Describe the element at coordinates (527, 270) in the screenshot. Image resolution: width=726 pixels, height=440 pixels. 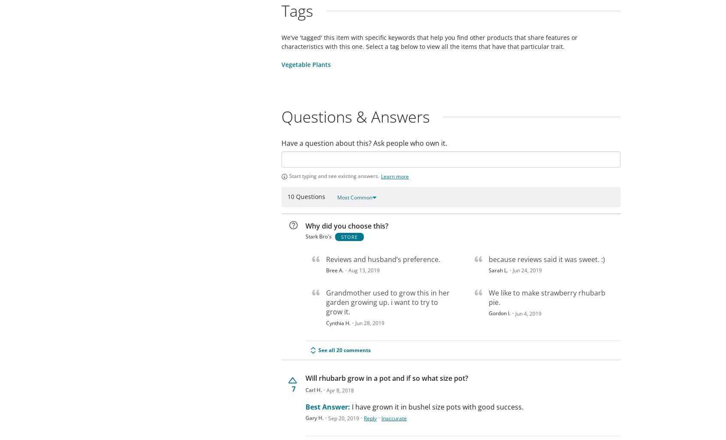
I see `'Jun 24, 2019'` at that location.